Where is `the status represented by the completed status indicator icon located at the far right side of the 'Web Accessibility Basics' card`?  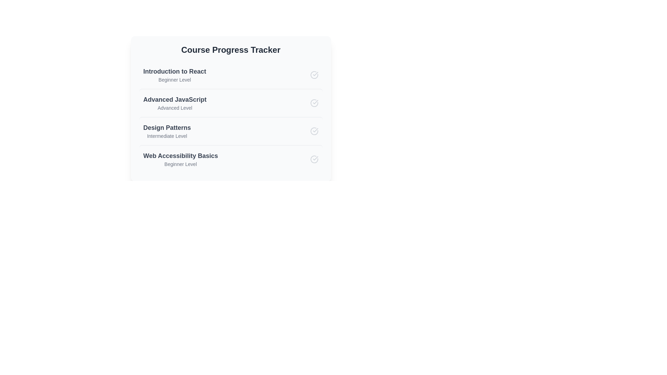 the status represented by the completed status indicator icon located at the far right side of the 'Web Accessibility Basics' card is located at coordinates (314, 159).